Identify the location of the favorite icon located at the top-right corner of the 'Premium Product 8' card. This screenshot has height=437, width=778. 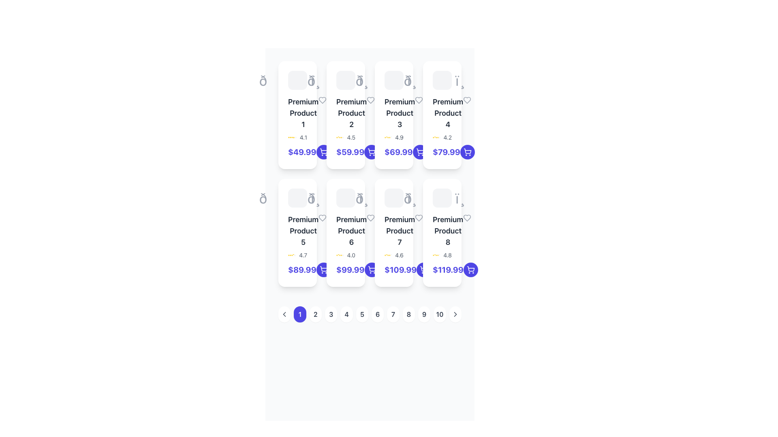
(467, 218).